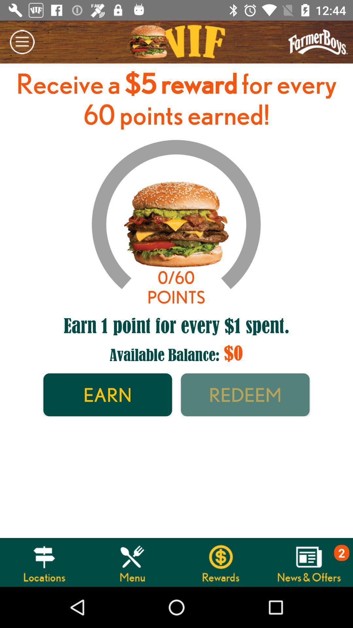  Describe the element at coordinates (245, 394) in the screenshot. I see `icon below the available balance:` at that location.